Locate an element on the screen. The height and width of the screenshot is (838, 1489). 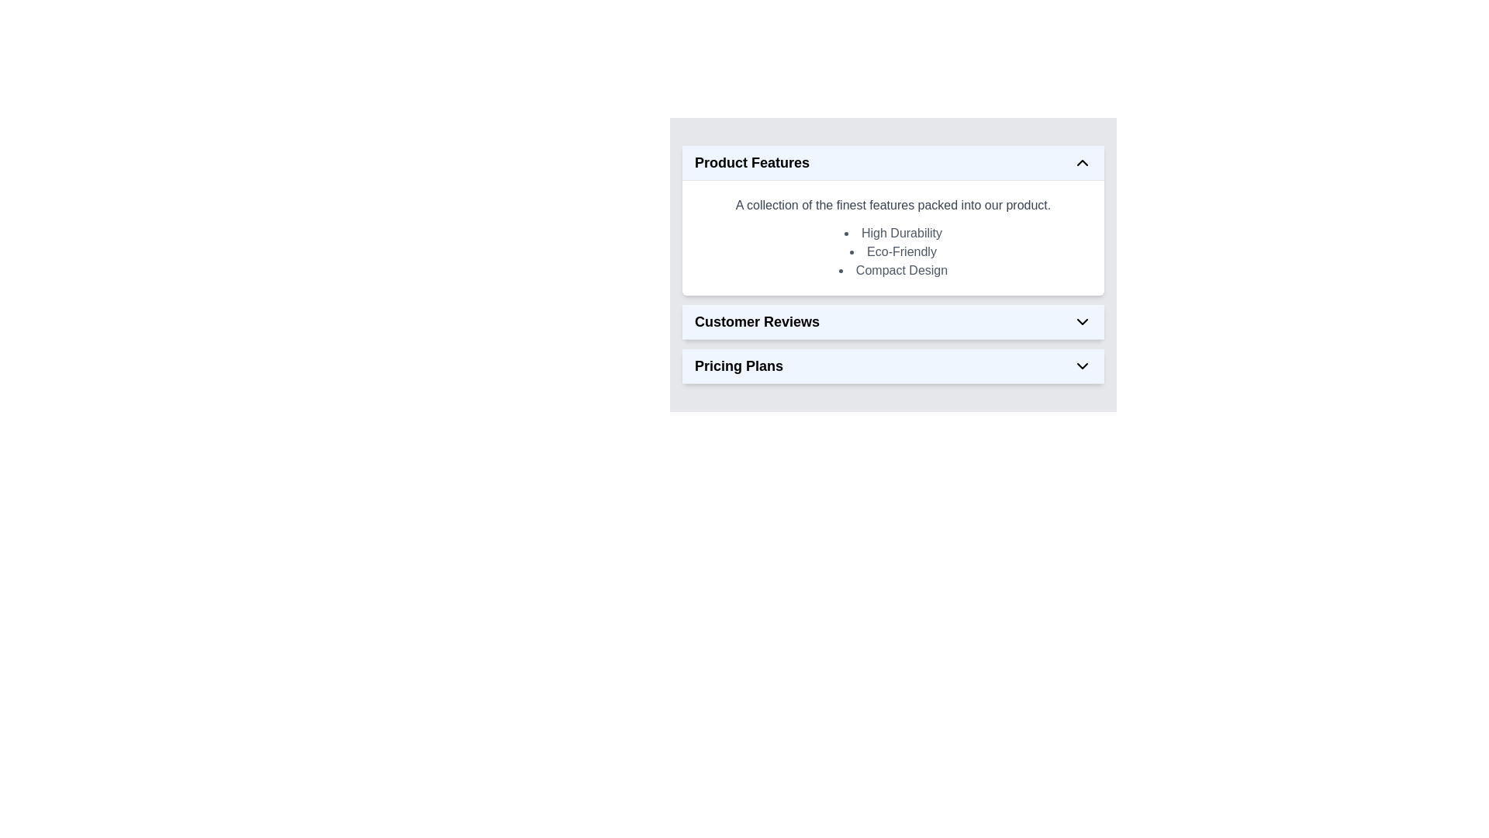
the third item in the bullet list under the 'Product Features' section, which describes a specific feature of the product is located at coordinates (893, 269).